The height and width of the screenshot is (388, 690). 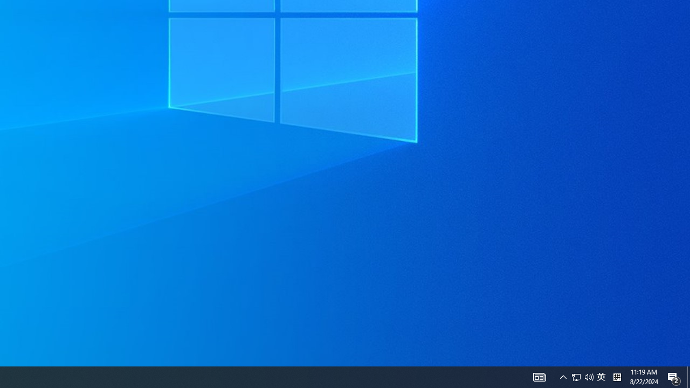 I want to click on 'Q2790: 100%', so click(x=576, y=376).